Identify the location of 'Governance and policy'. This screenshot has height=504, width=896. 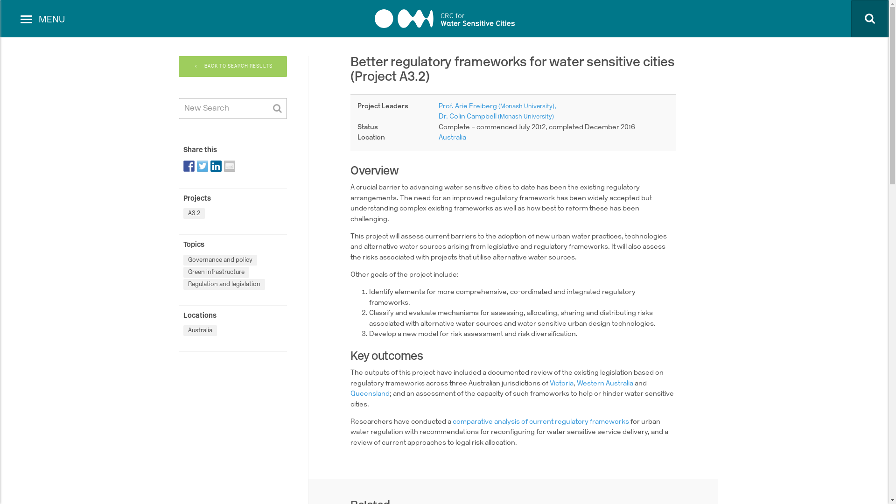
(219, 260).